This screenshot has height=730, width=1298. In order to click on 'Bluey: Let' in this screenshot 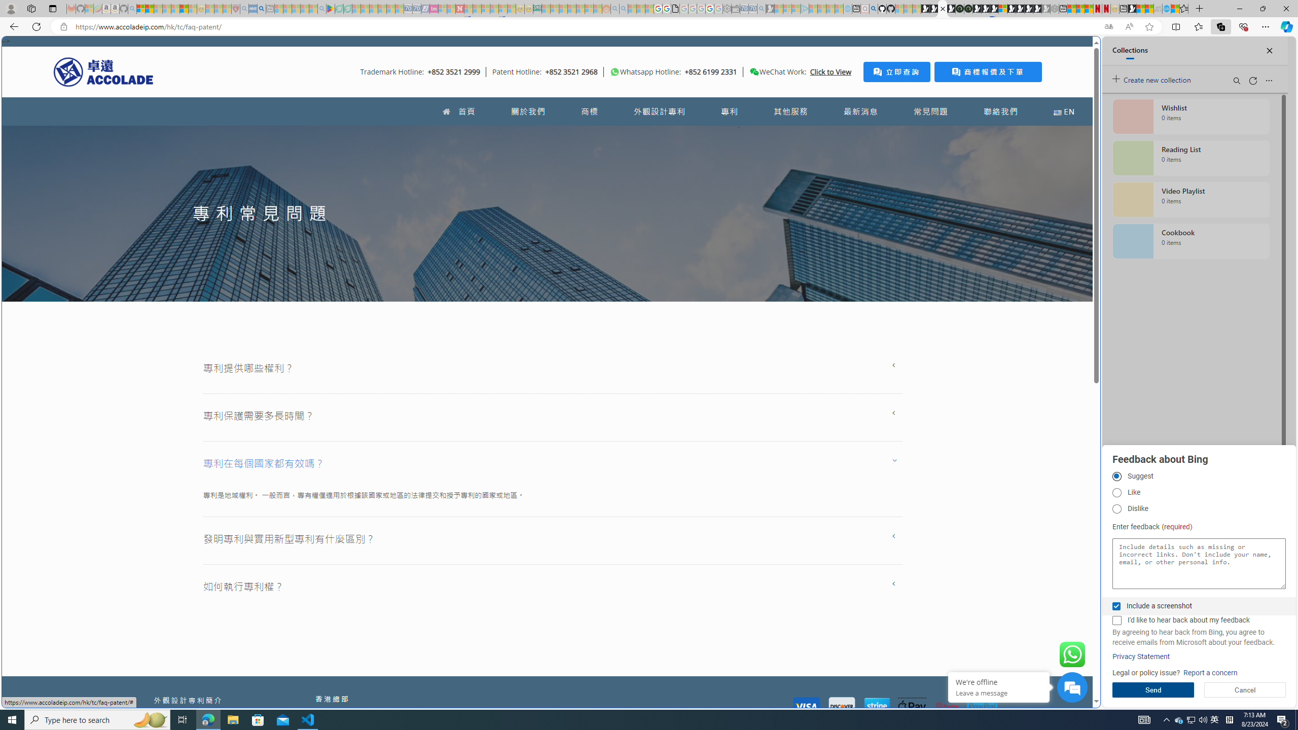, I will do `click(330, 8)`.